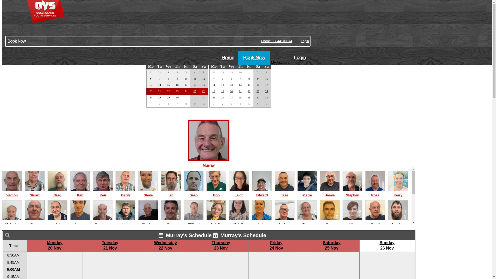 The width and height of the screenshot is (496, 279). I want to click on 'Christine, so click(80, 251).